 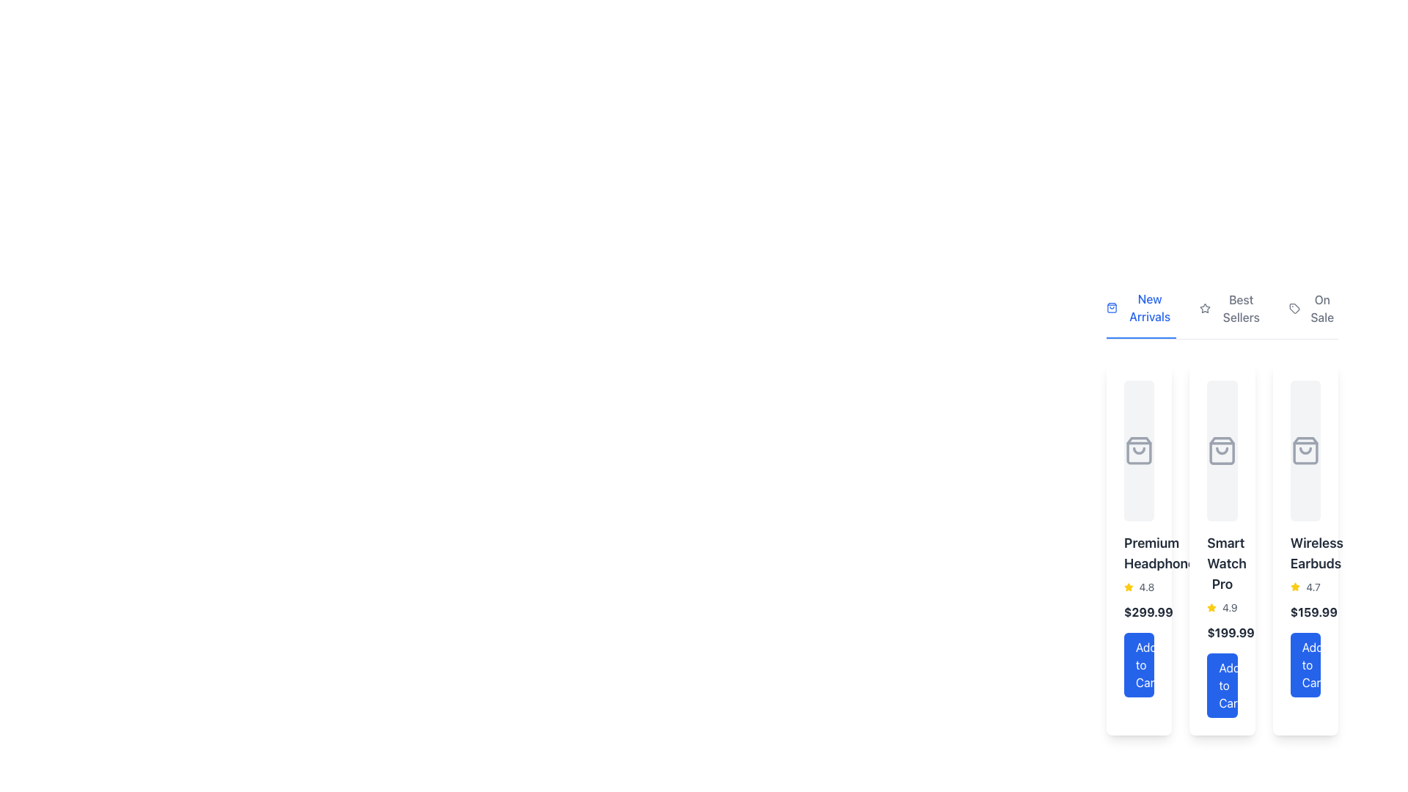 What do you see at coordinates (1295, 586) in the screenshot?
I see `the yellow star icon representing the rating for the 'Wireless Earbuds', which is the first in the series of star icons` at bounding box center [1295, 586].